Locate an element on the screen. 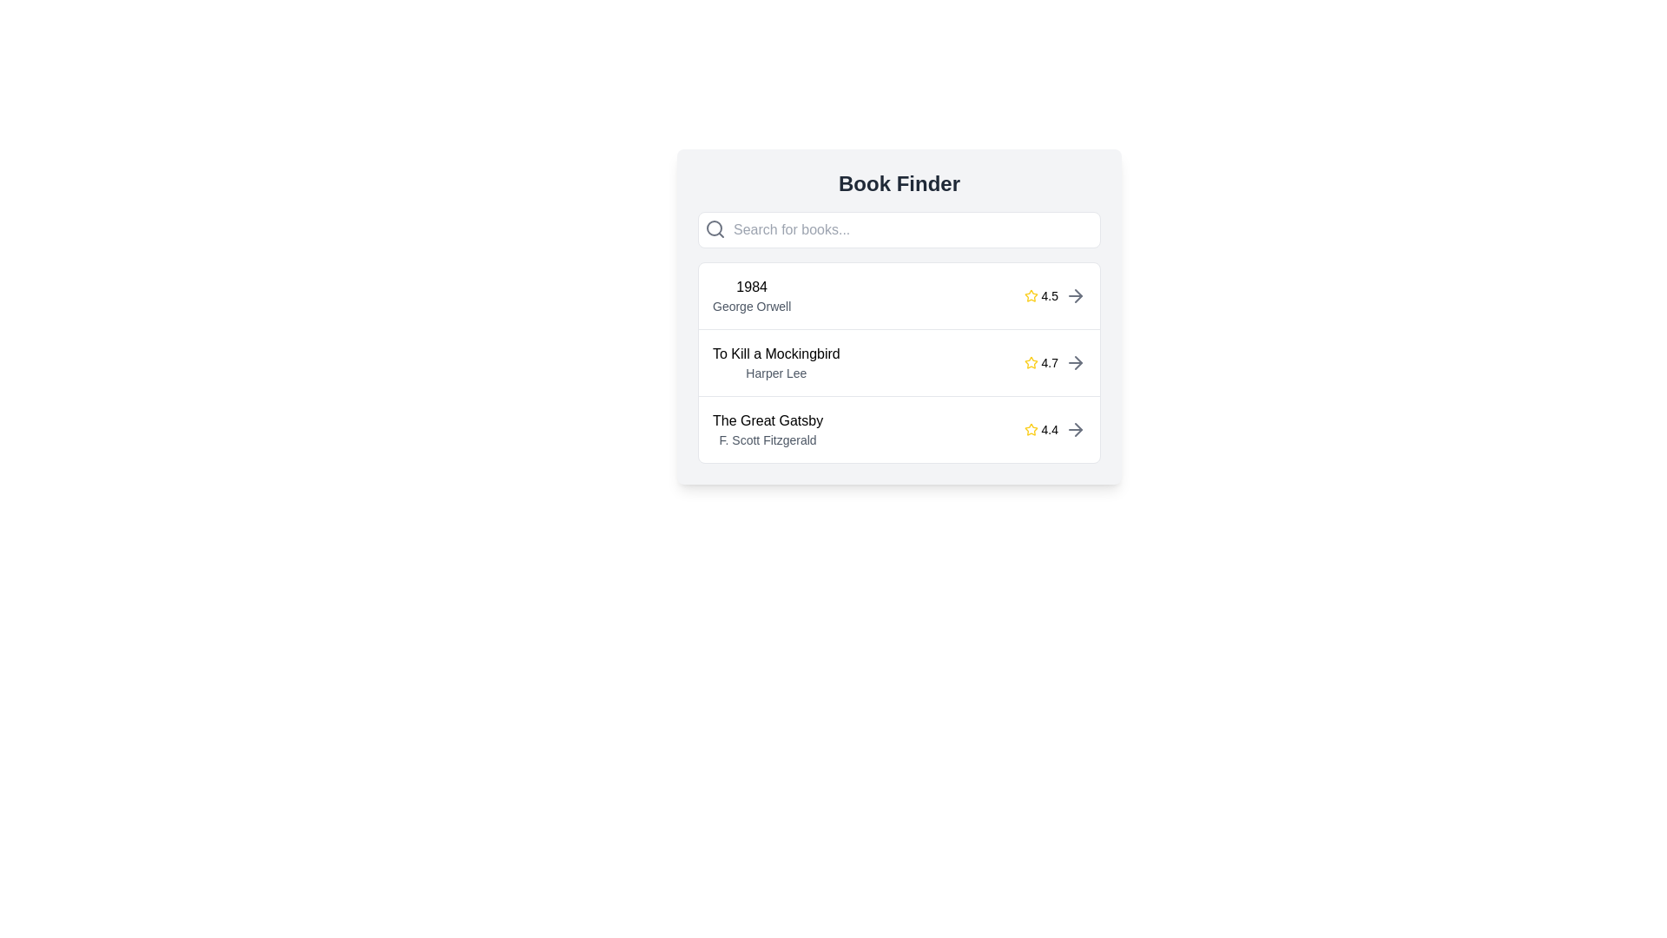 The image size is (1667, 938). the circular lens component of the search icon, which symbolizes a magnifying glass and is located at the left end of the search input box under the 'Book Finder' heading is located at coordinates (714, 227).